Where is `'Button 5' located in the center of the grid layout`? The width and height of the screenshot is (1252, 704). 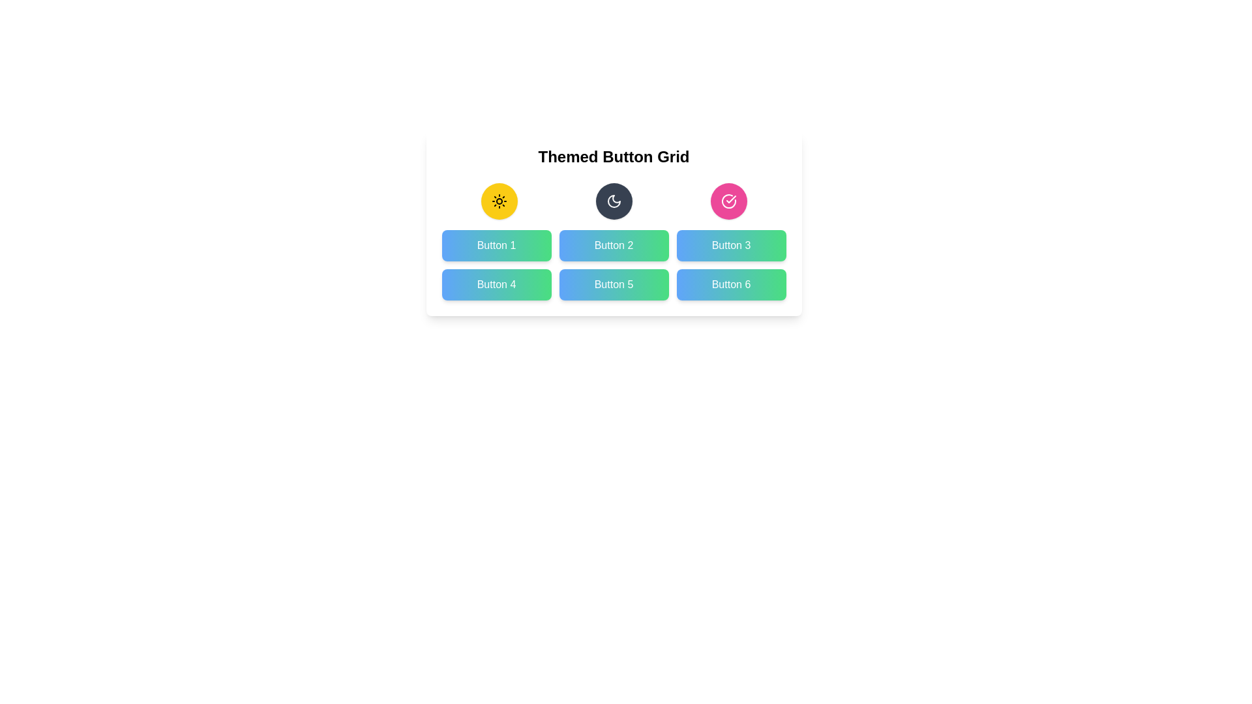 'Button 5' located in the center of the grid layout is located at coordinates (613, 265).